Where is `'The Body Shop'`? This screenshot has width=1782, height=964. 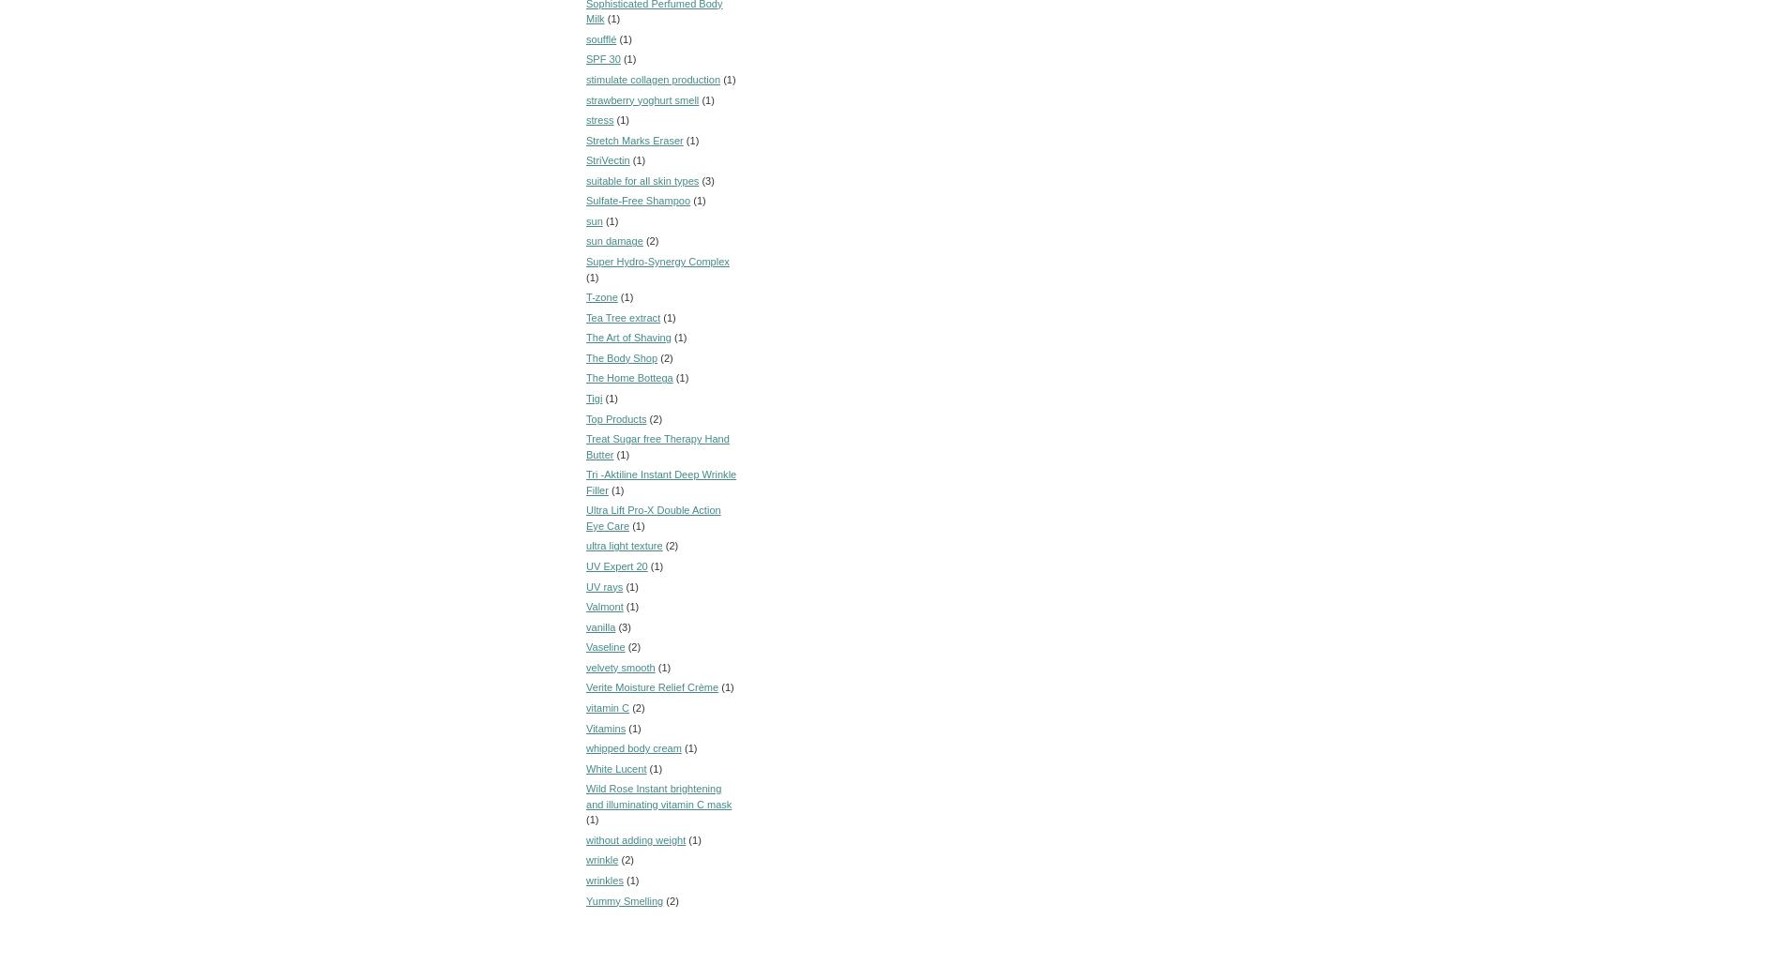 'The Body Shop' is located at coordinates (621, 355).